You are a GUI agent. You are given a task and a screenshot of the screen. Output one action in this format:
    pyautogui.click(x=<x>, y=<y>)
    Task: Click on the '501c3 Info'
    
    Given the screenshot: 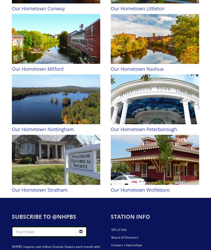 What is the action you would take?
    pyautogui.click(x=118, y=229)
    